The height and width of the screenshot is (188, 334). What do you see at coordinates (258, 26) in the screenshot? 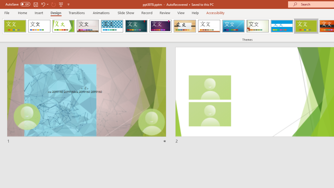
I see `'Wisp'` at bounding box center [258, 26].